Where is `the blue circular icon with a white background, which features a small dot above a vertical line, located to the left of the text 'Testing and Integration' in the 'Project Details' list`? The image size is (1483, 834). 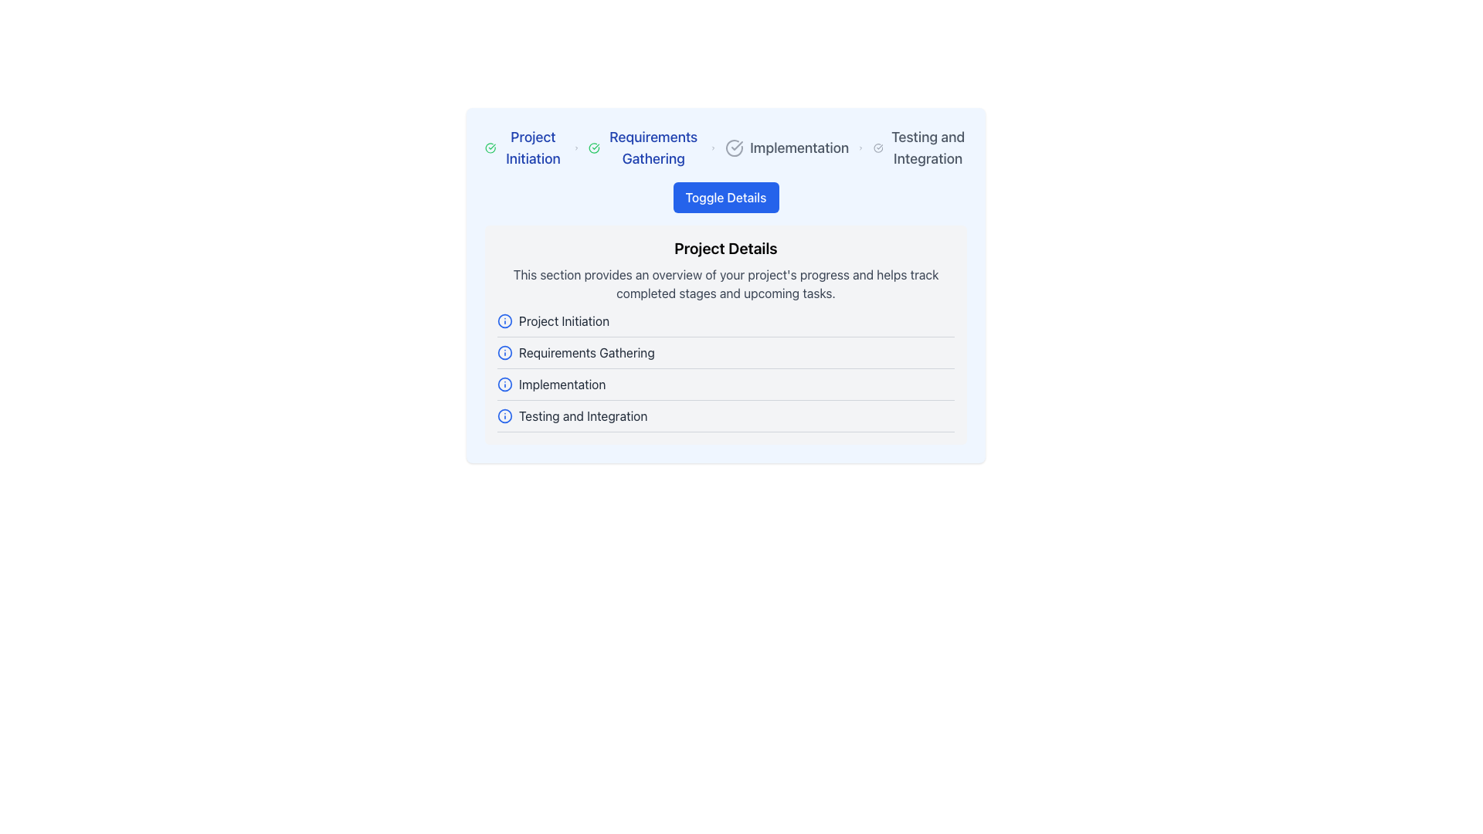
the blue circular icon with a white background, which features a small dot above a vertical line, located to the left of the text 'Testing and Integration' in the 'Project Details' list is located at coordinates (504, 415).